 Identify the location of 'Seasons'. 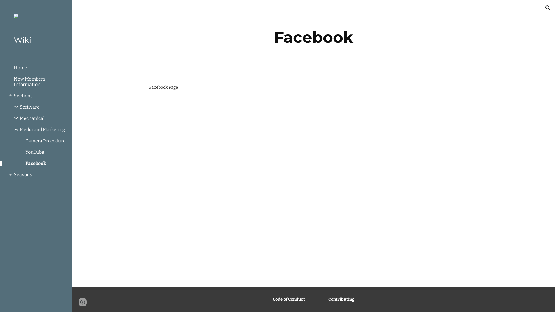
(40, 174).